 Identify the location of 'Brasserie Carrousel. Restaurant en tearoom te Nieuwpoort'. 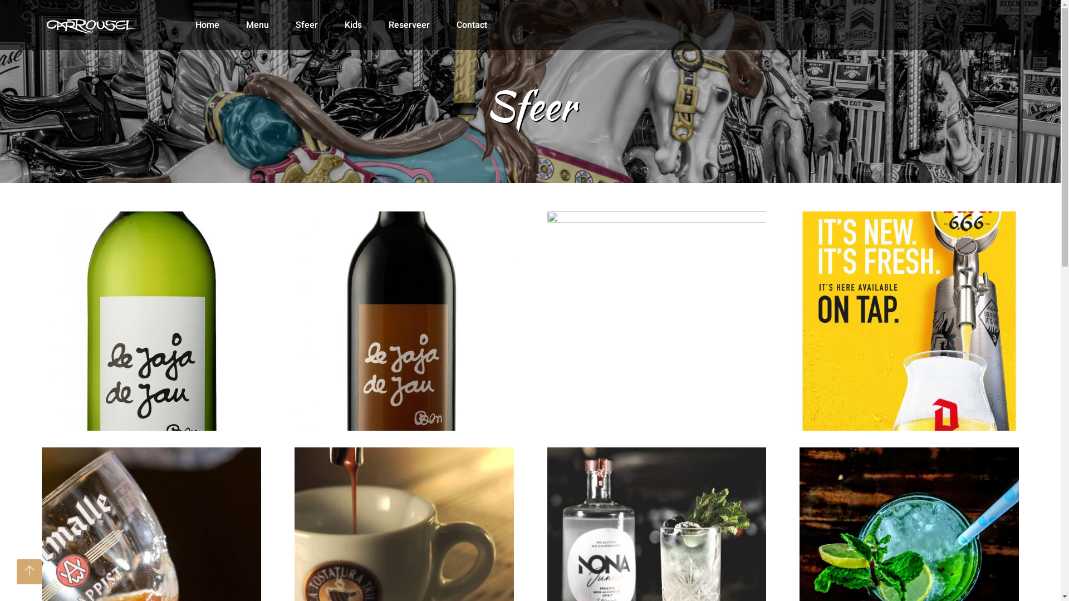
(91, 19).